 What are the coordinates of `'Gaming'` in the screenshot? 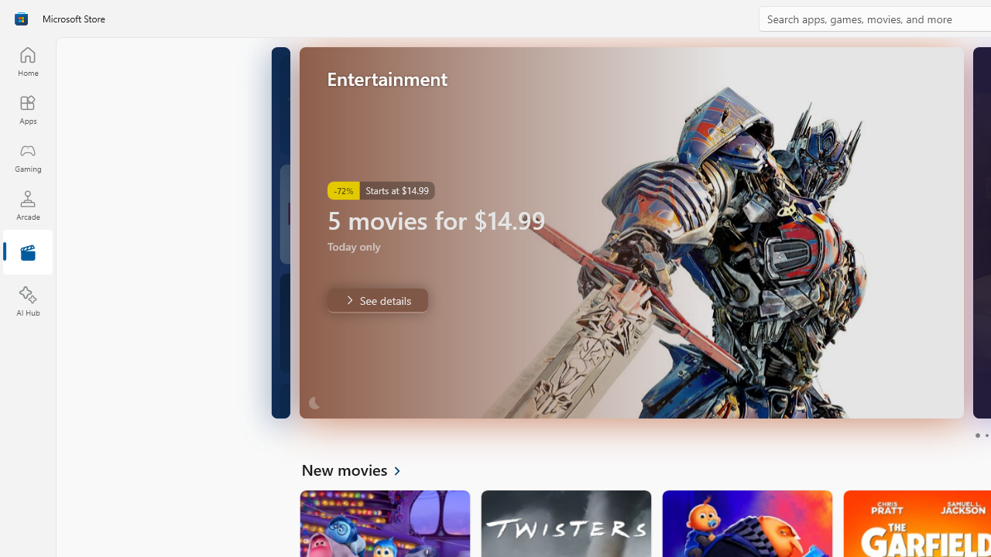 It's located at (27, 157).